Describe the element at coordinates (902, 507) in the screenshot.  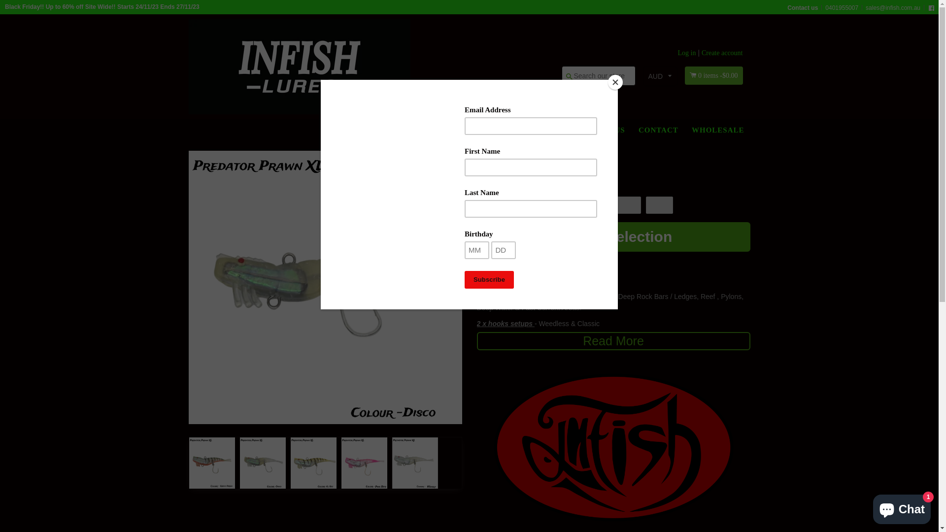
I see `'Shopify online store chat'` at that location.